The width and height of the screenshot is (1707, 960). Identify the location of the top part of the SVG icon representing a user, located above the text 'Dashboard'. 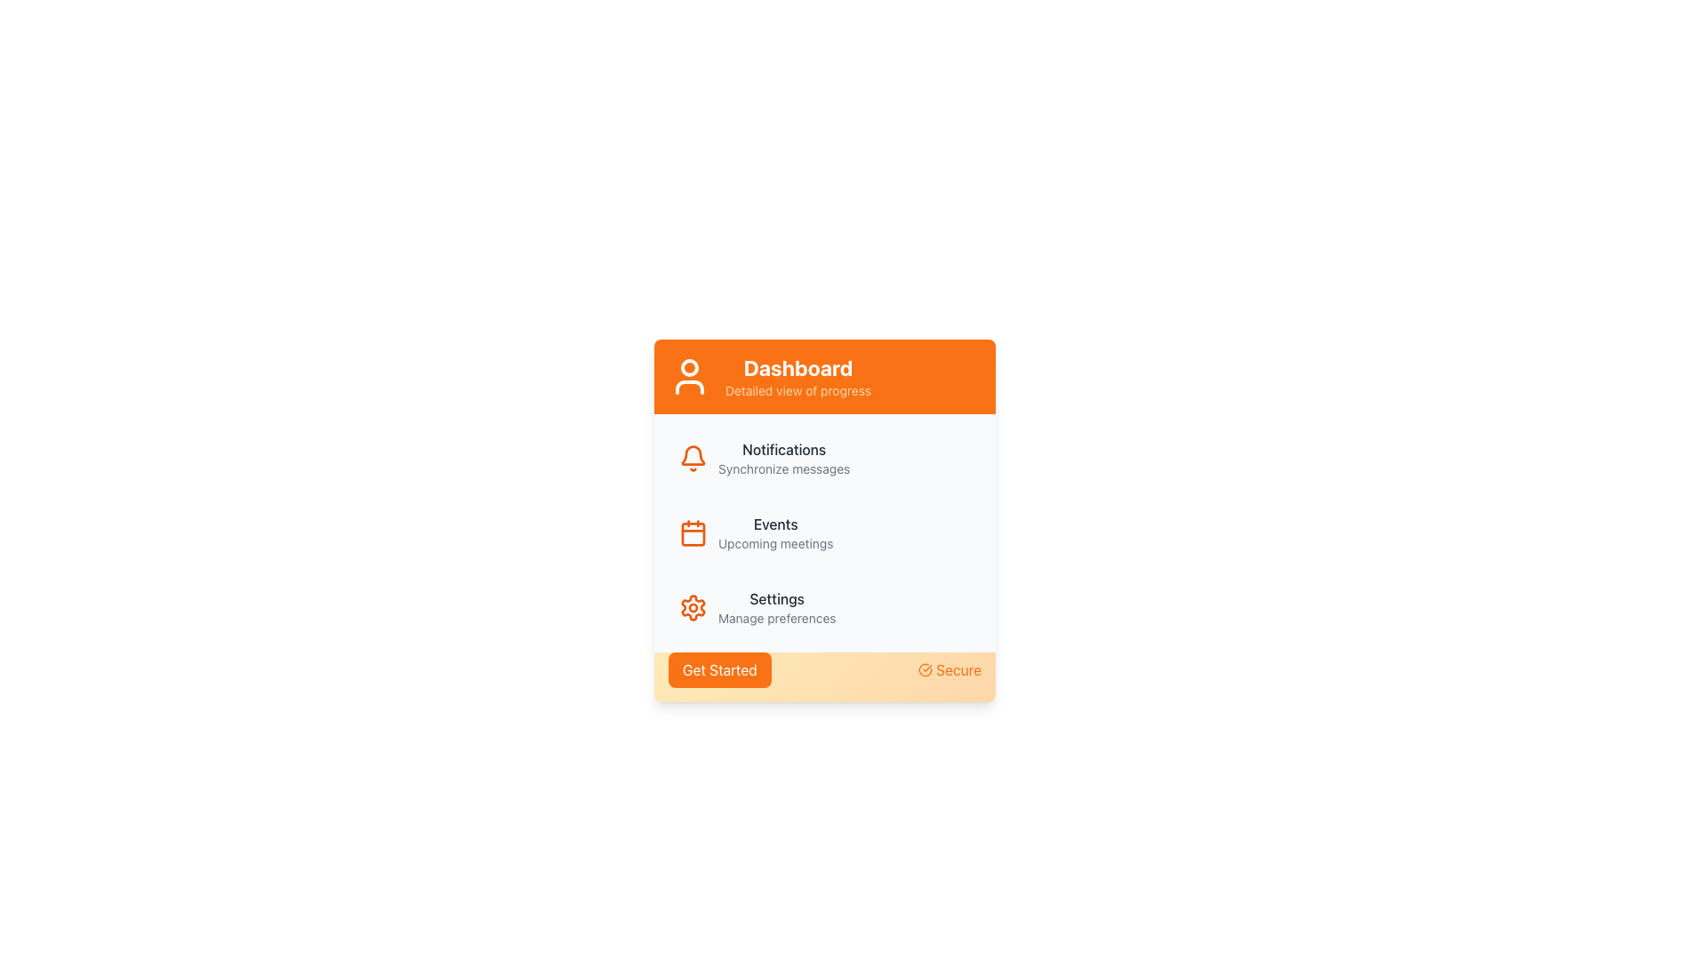
(689, 366).